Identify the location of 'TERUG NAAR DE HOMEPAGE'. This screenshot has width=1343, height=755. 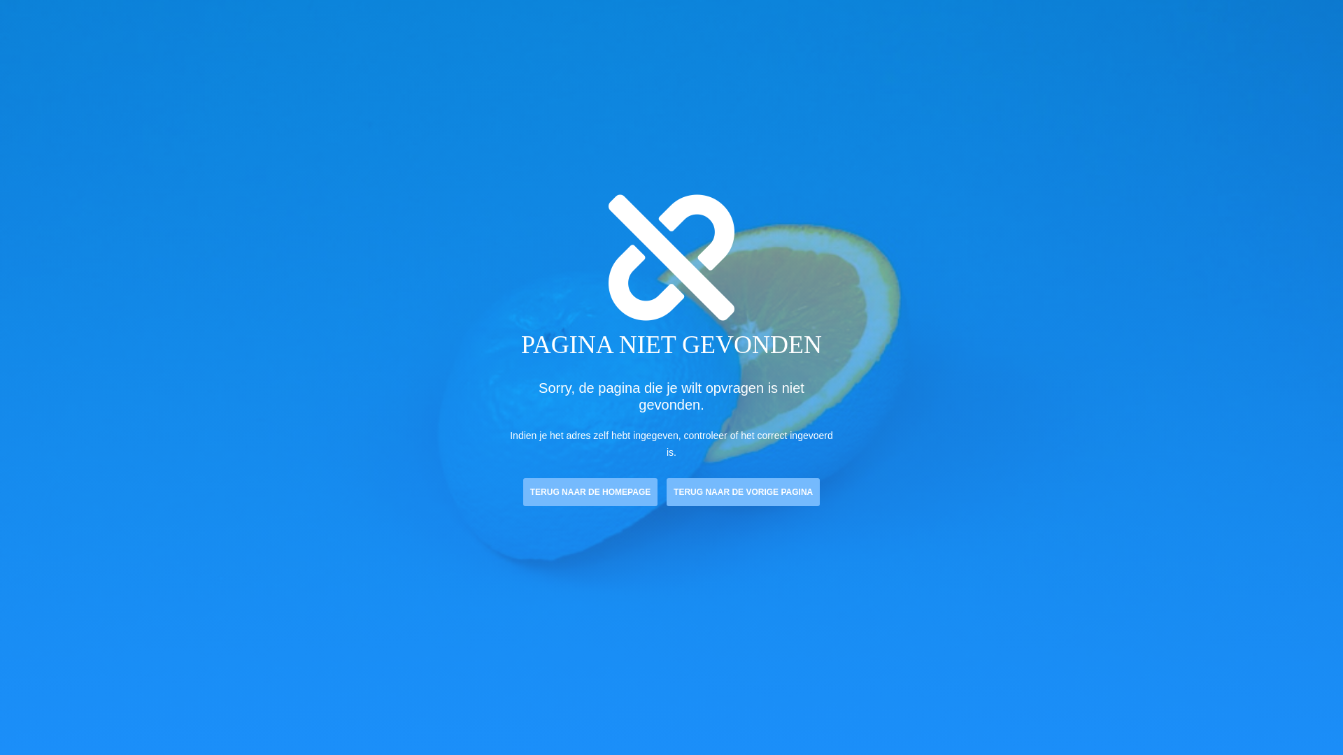
(590, 491).